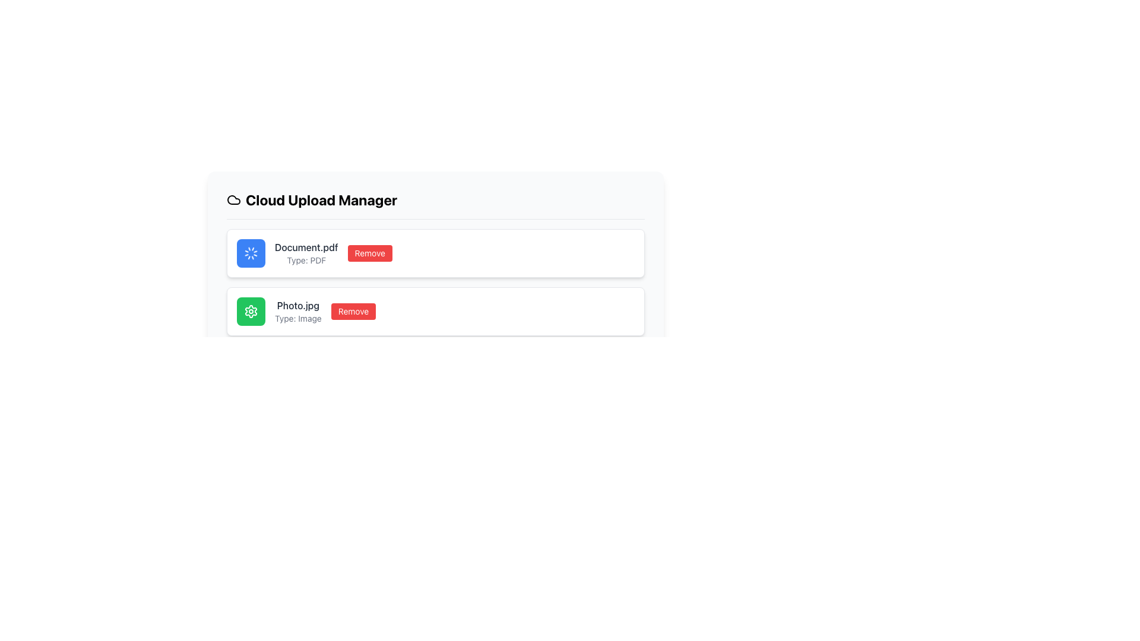  Describe the element at coordinates (369, 253) in the screenshot. I see `the Remove button associated with the 'Document.pdf' file item` at that location.